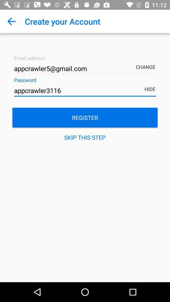 The width and height of the screenshot is (170, 302). I want to click on the icon below register, so click(85, 137).